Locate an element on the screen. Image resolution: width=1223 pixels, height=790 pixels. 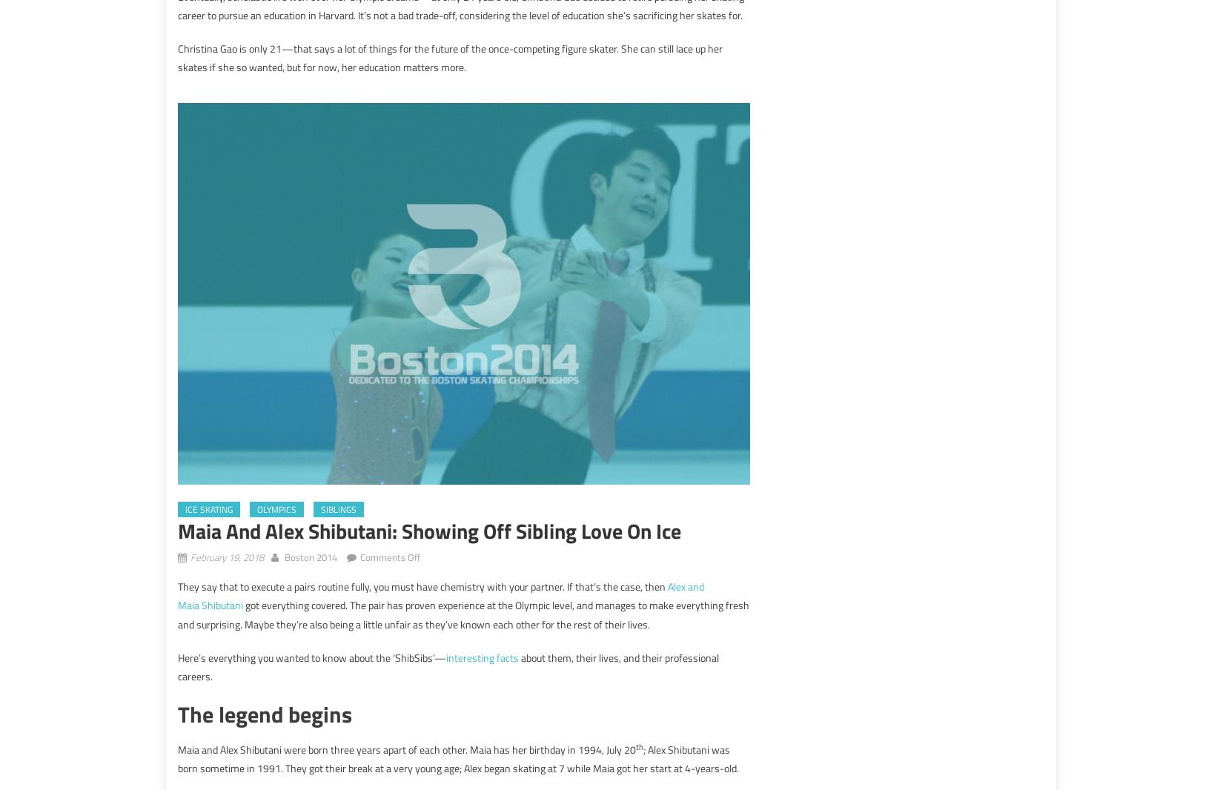
'Christina Gao is only 21—that says a lot of things for the future of the once-competing figure skater. She can still lace up her skates if she so wanted, but for now, her education matters more.' is located at coordinates (449, 57).